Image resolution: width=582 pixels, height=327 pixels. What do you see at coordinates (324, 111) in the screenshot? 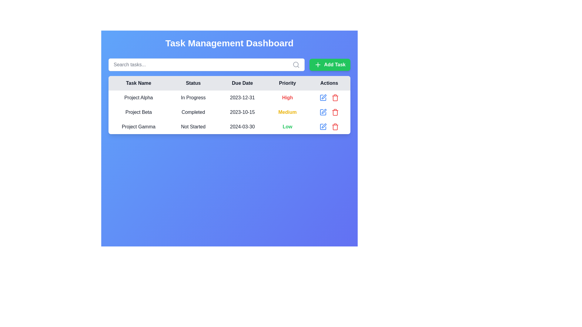
I see `the edit icon in the 'Actions' column of the second row in the task management table` at bounding box center [324, 111].